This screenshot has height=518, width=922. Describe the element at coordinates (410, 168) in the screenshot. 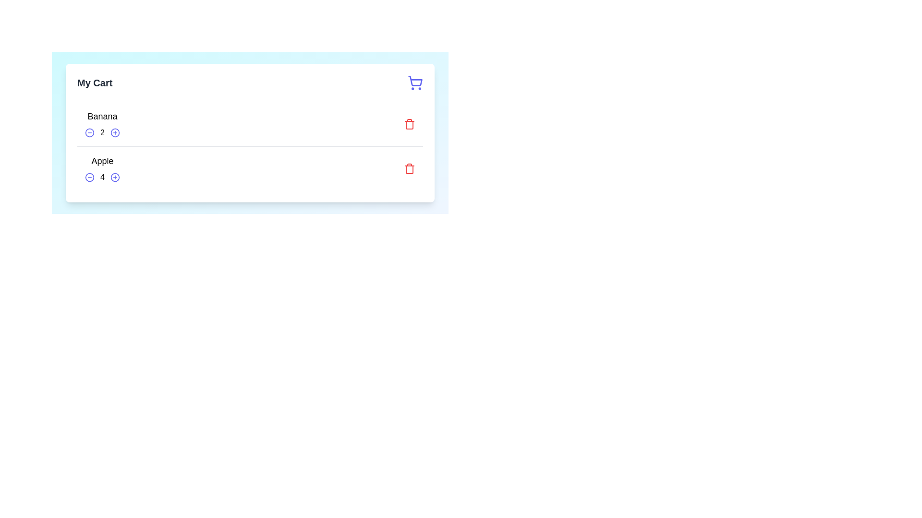

I see `the red trash bin icon located at the bottom right section of the cart for the 'Apple' product` at that location.